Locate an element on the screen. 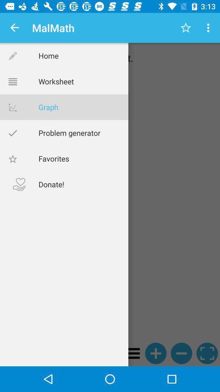 The image size is (220, 392). the add icon is located at coordinates (156, 353).